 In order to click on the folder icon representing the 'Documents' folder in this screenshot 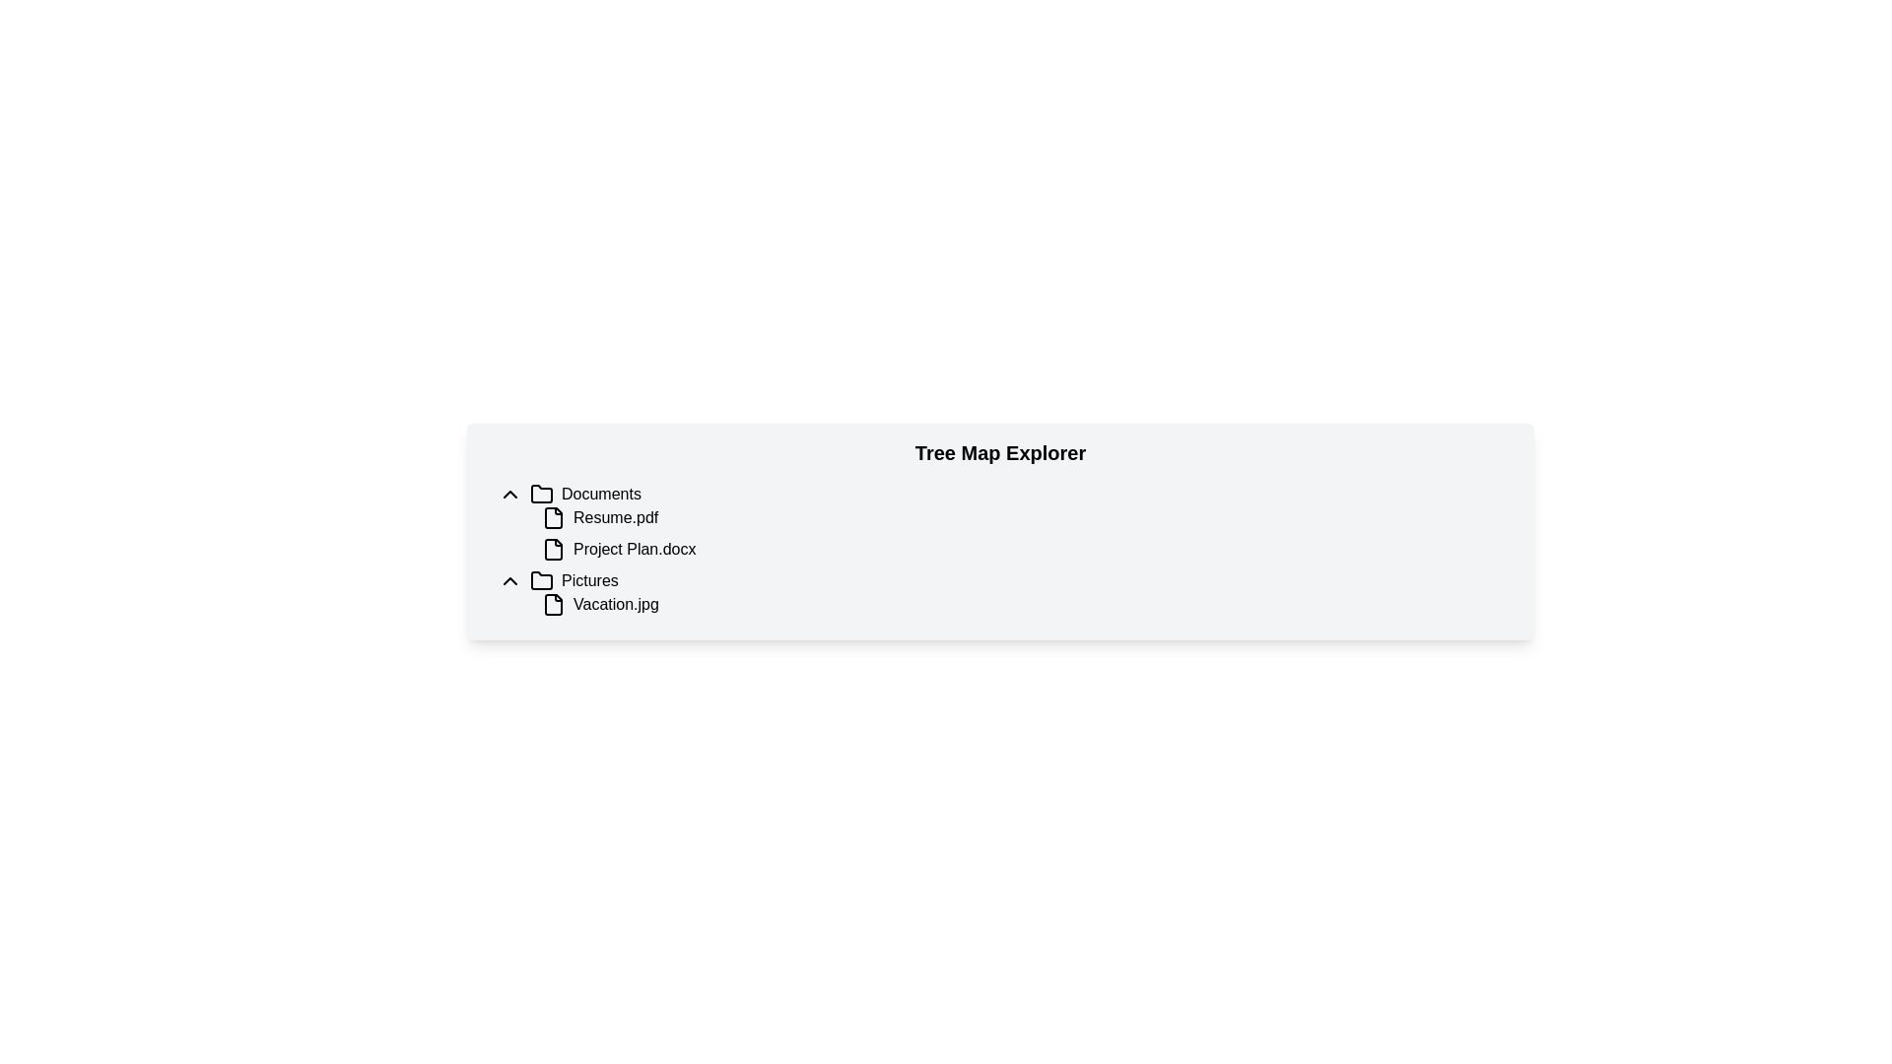, I will do `click(542, 493)`.